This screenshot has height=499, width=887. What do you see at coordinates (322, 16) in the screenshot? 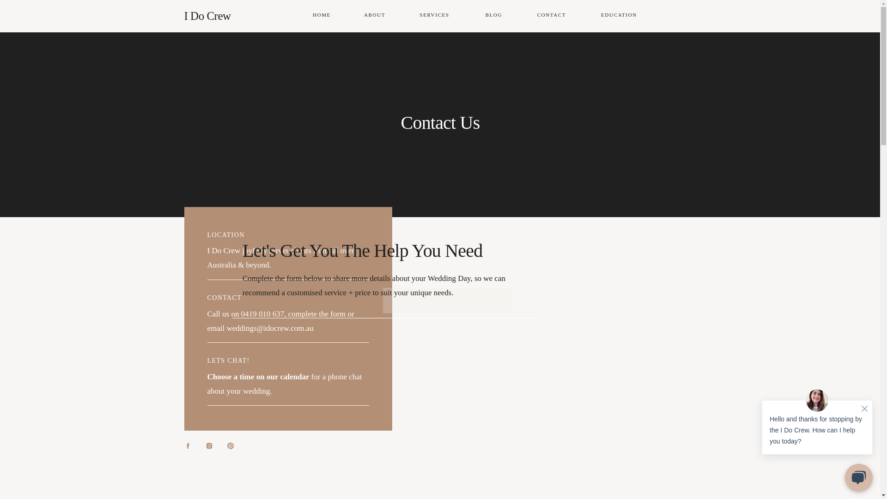
I see `'HOME'` at bounding box center [322, 16].